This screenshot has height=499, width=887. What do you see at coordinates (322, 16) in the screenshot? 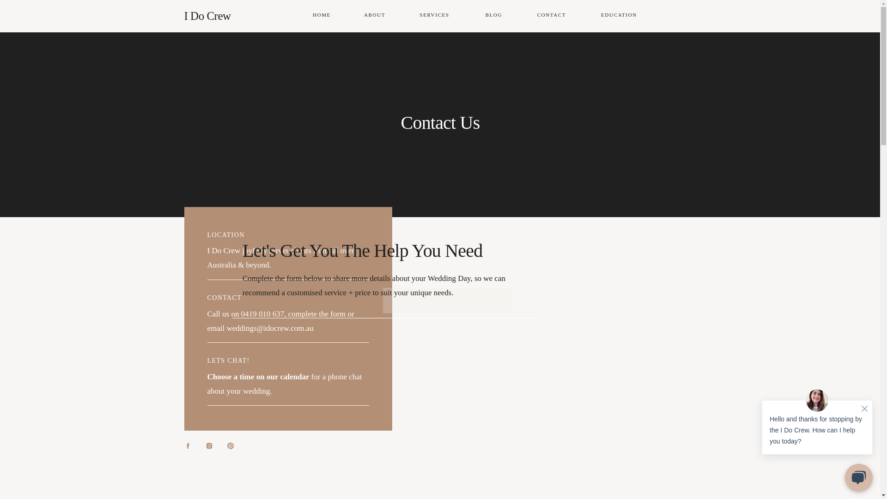
I see `'HOME'` at bounding box center [322, 16].